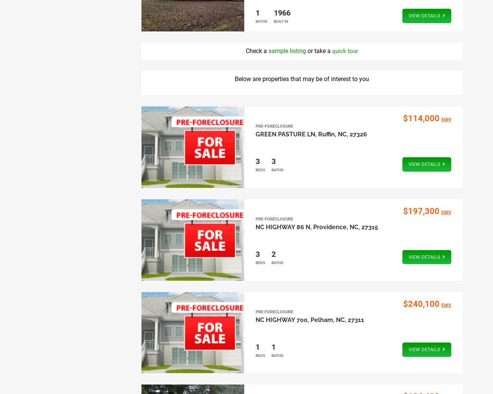 The height and width of the screenshot is (394, 493). I want to click on '$114,000', so click(420, 118).